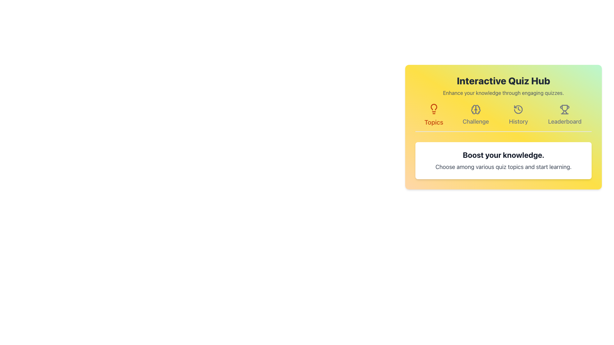 The image size is (614, 345). I want to click on the subtitle text label located below the title 'Interactive Quiz Hub' in the interactive quiz hub card, so click(503, 93).